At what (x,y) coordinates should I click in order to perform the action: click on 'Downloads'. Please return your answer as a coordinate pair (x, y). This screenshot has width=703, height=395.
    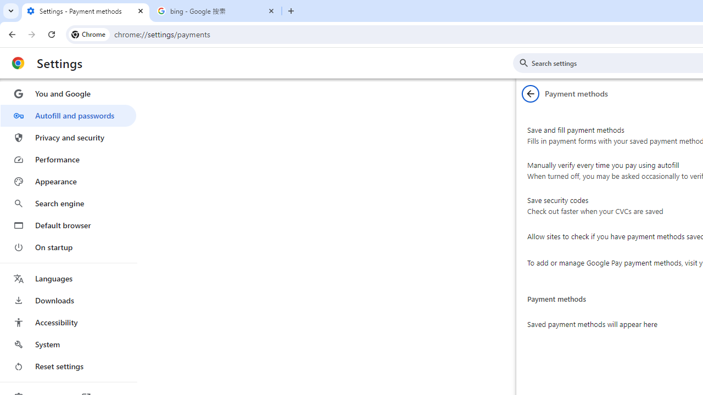
    Looking at the image, I should click on (68, 300).